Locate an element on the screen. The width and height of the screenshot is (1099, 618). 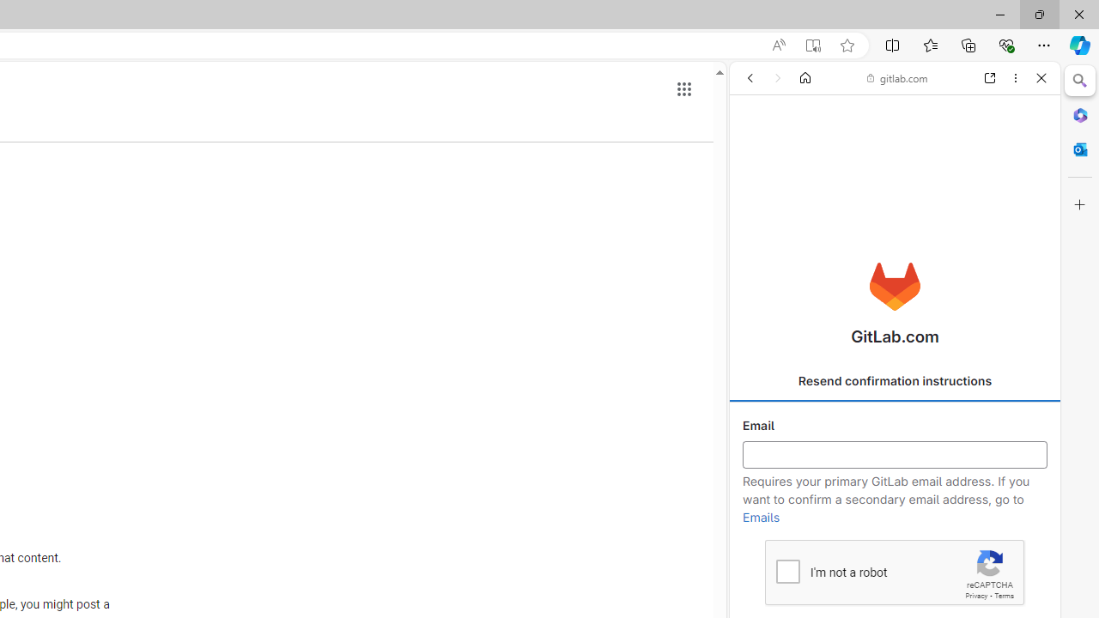
'Resend confirmation instructions' is located at coordinates (894, 380).